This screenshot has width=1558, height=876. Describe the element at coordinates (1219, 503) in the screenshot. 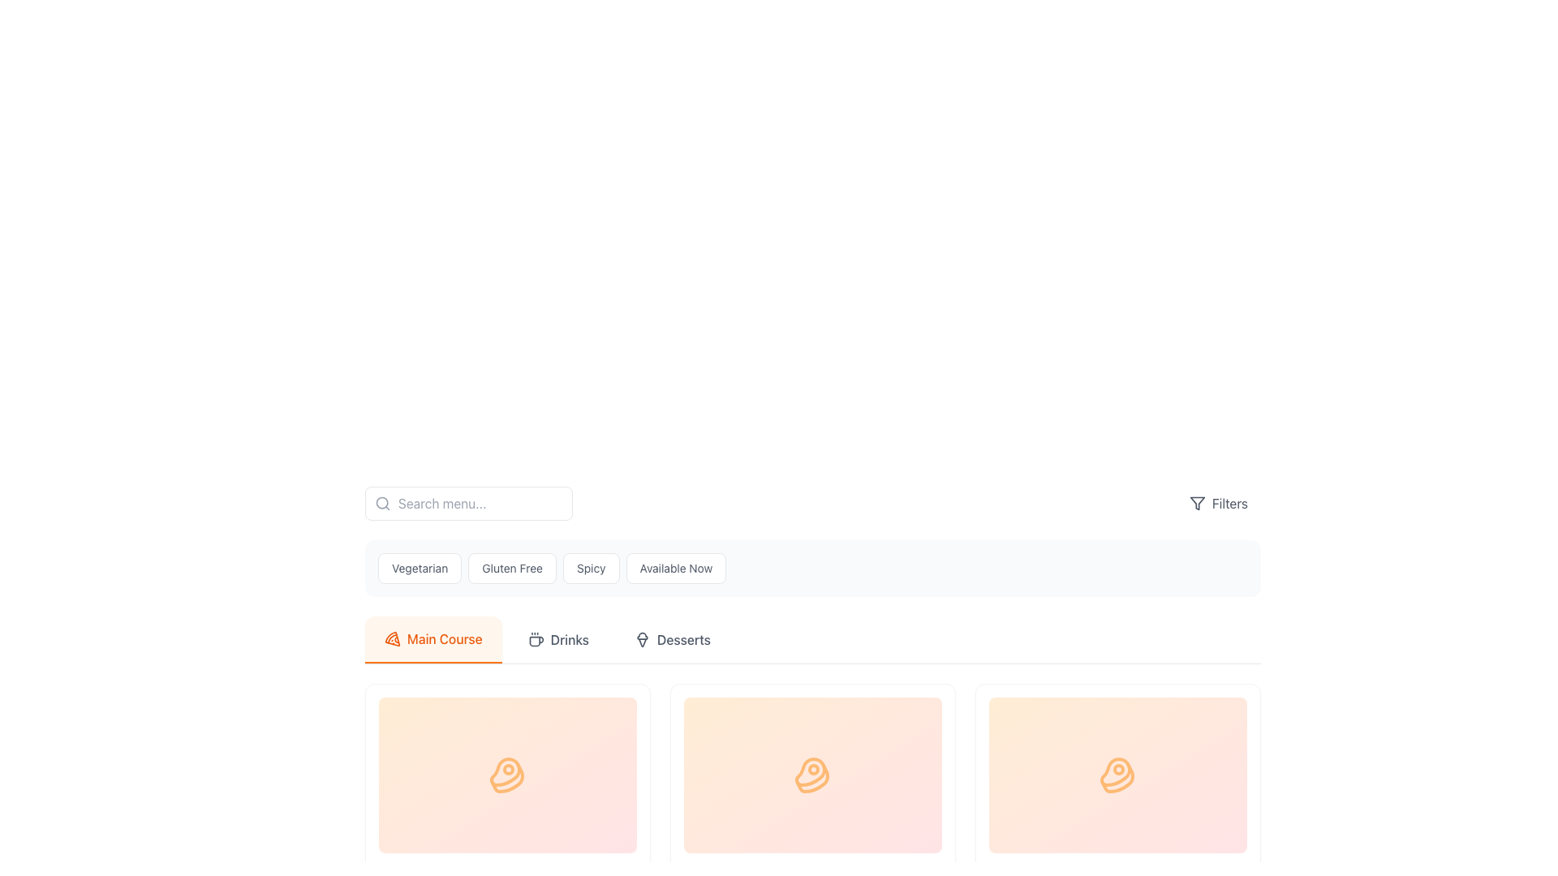

I see `the filter options button located at the top-right corner of the interface` at that location.